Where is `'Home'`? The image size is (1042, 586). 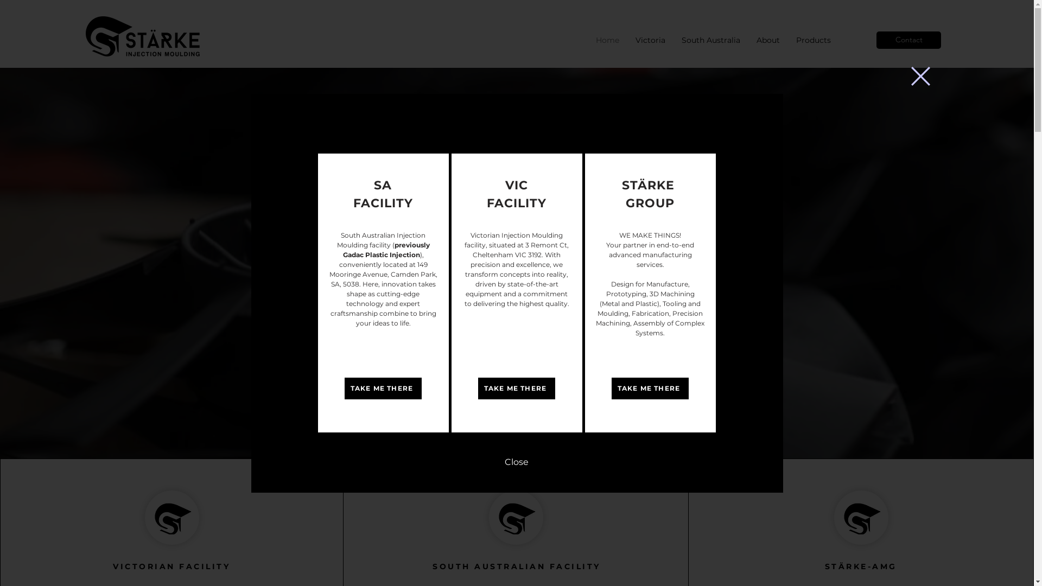
'Home' is located at coordinates (607, 39).